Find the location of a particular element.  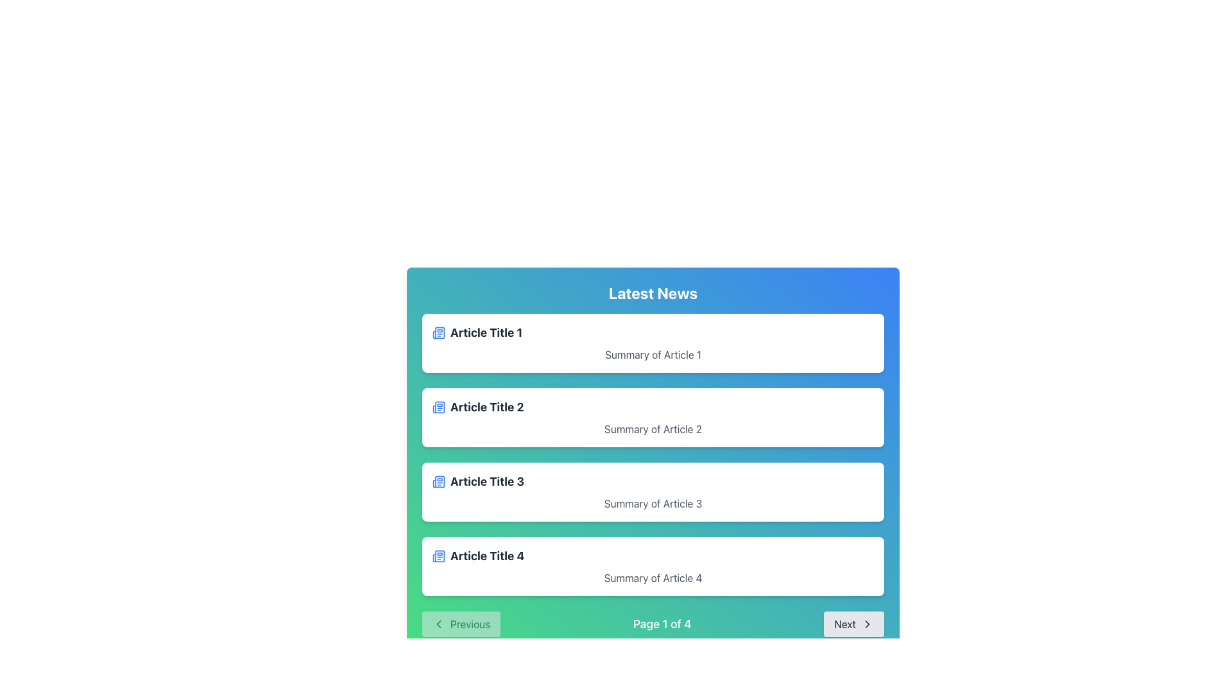

the small blue newspaper icon located to the left of 'Article Title 1' in the first news item is located at coordinates (439, 331).